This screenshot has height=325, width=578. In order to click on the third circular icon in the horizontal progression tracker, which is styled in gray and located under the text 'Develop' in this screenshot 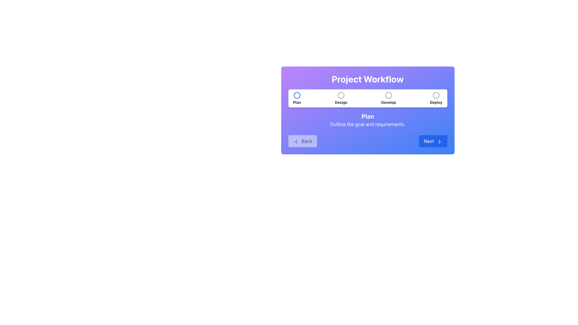, I will do `click(388, 95)`.